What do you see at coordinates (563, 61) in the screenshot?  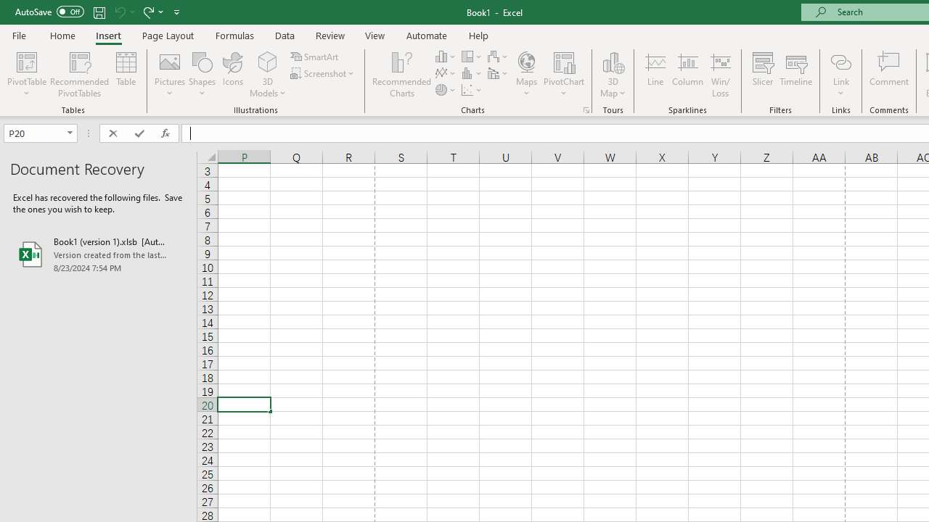 I see `'PivotChart'` at bounding box center [563, 61].